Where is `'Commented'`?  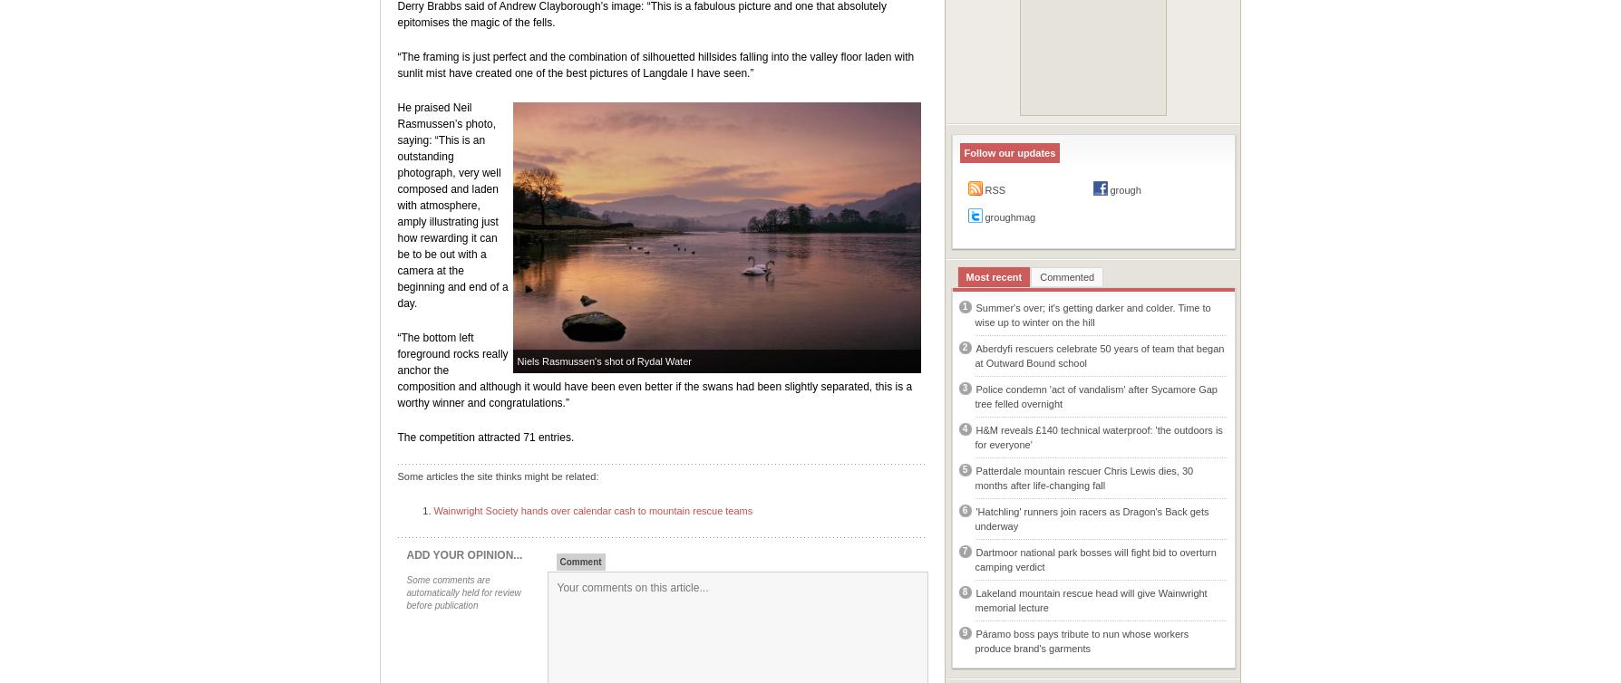
'Commented' is located at coordinates (1066, 275).